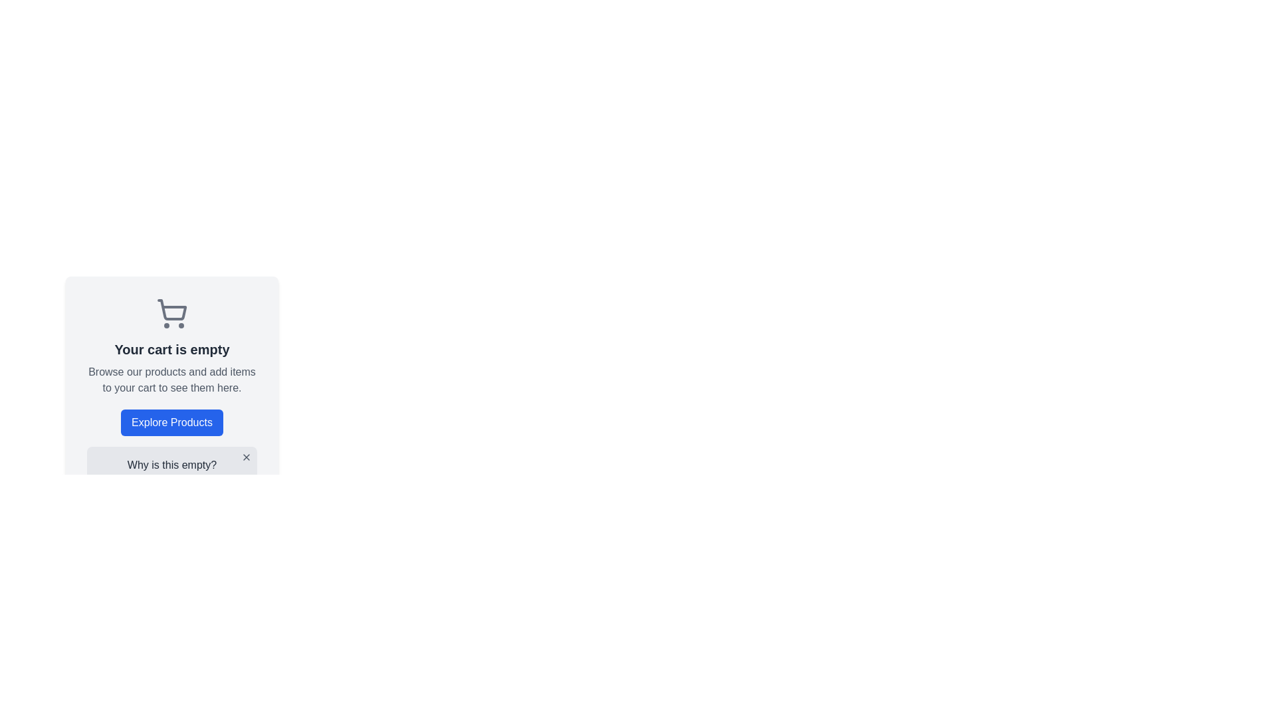  What do you see at coordinates (171, 404) in the screenshot?
I see `informational text on the empty shopping cart card located prominently in the center-left of the interface to understand the cart status` at bounding box center [171, 404].